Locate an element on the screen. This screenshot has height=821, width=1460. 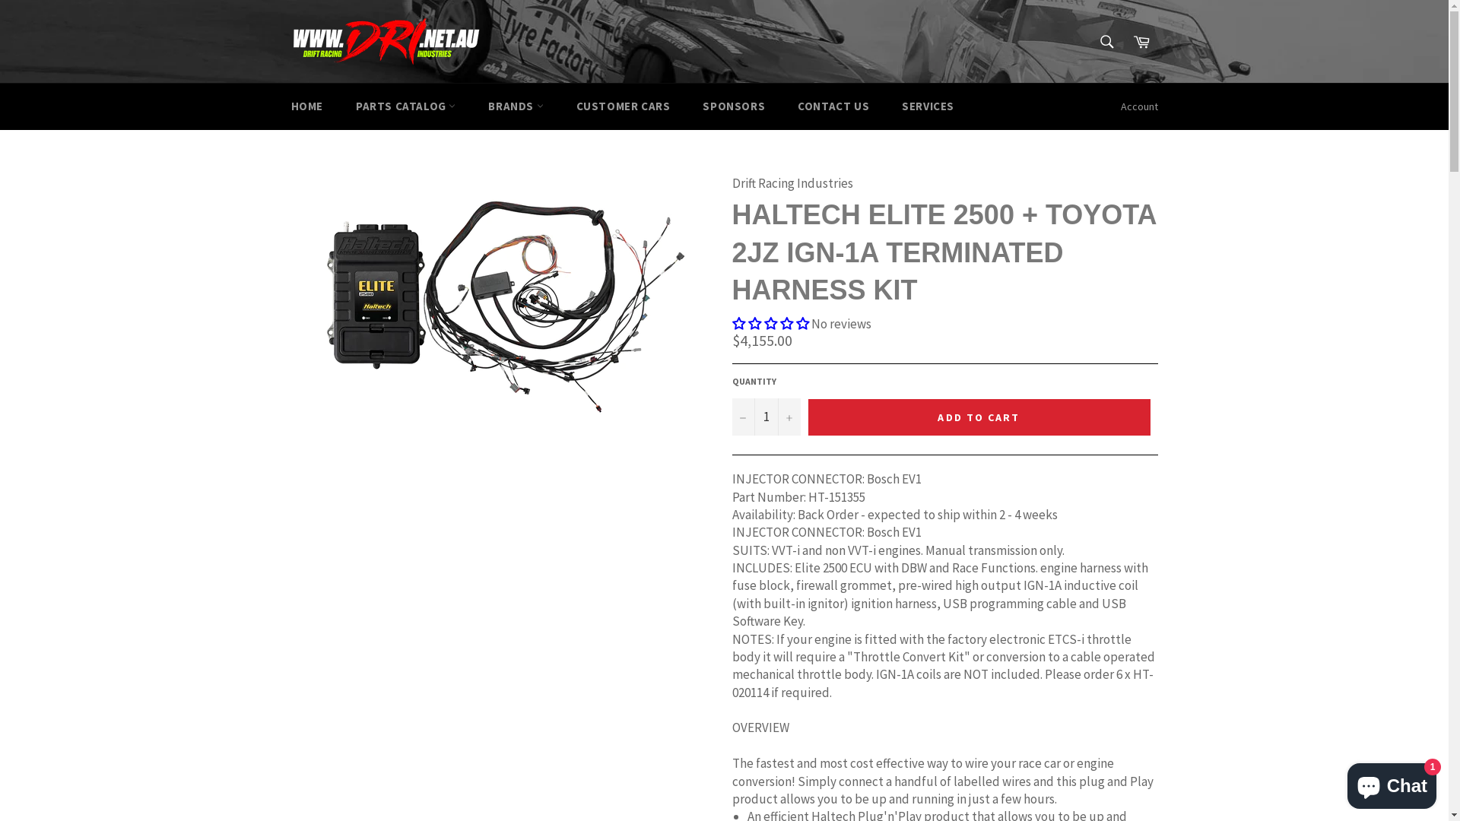
'CONTACT US' is located at coordinates (832, 106).